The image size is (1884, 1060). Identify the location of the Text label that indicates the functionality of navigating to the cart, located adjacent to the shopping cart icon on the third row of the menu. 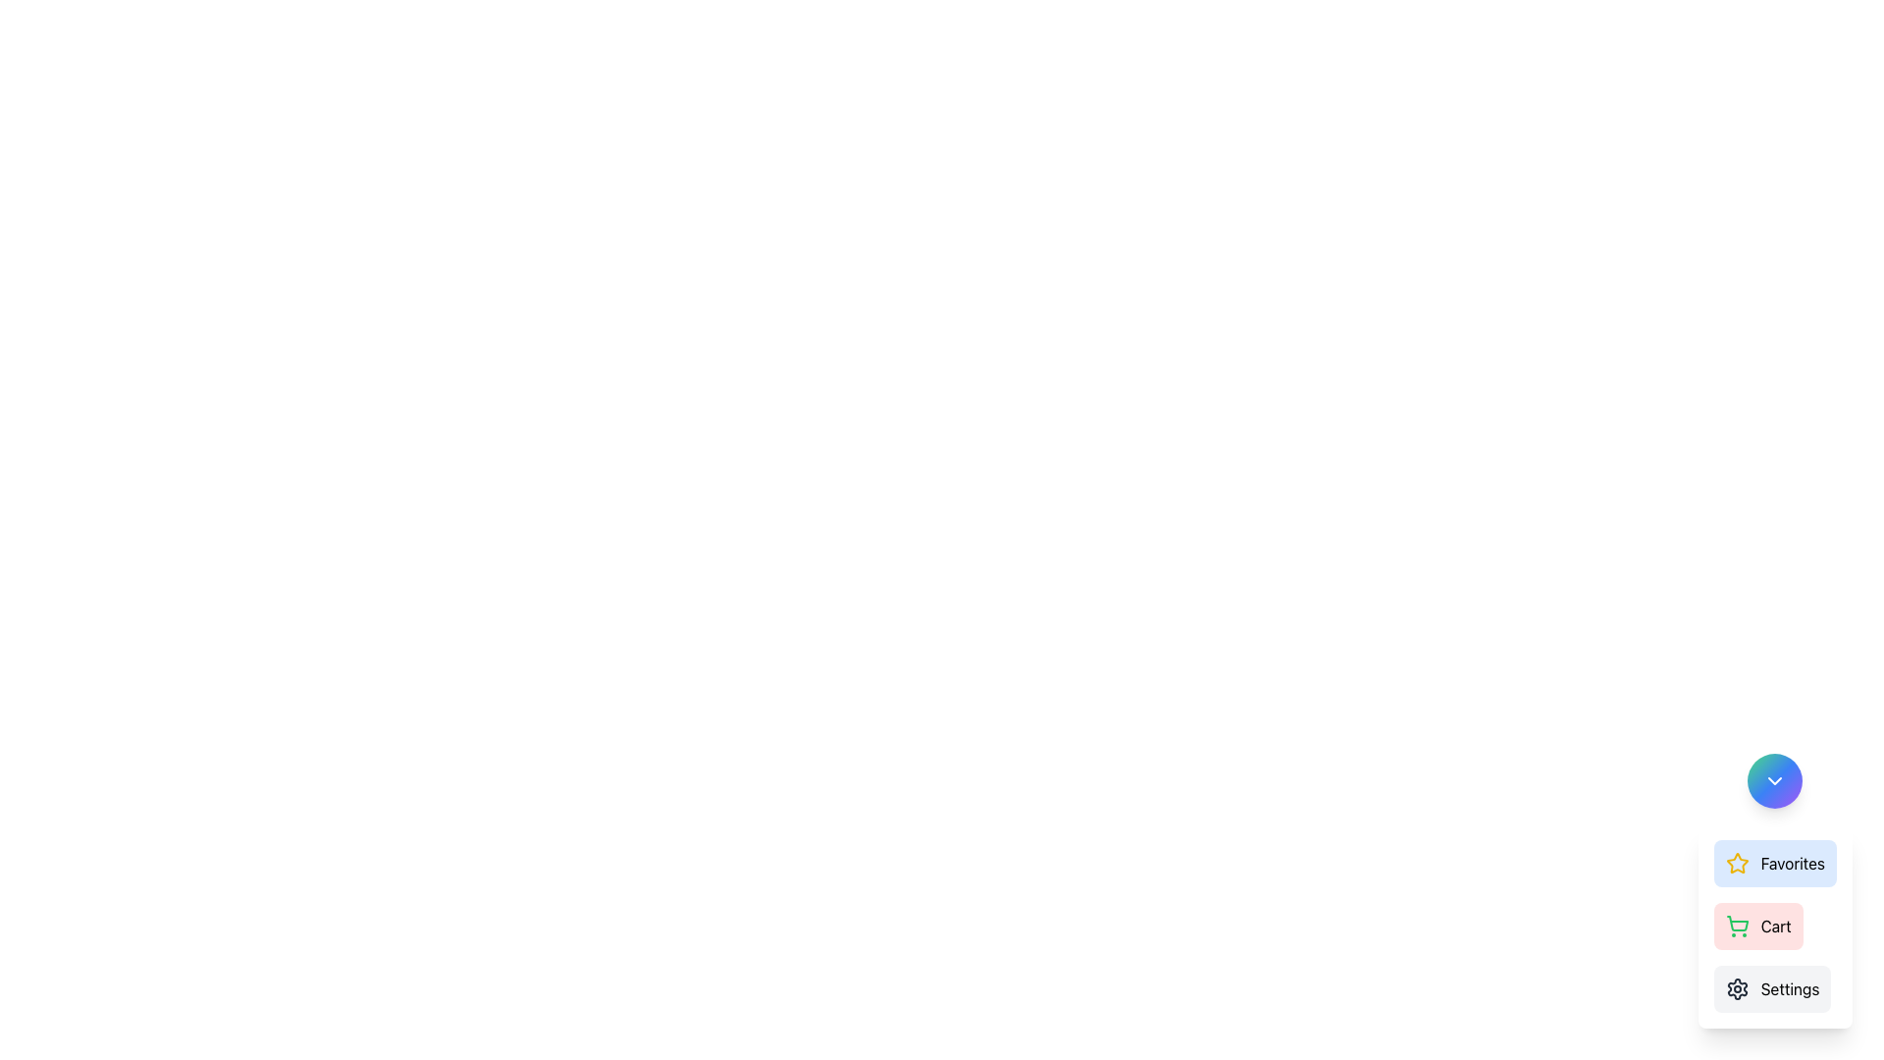
(1776, 927).